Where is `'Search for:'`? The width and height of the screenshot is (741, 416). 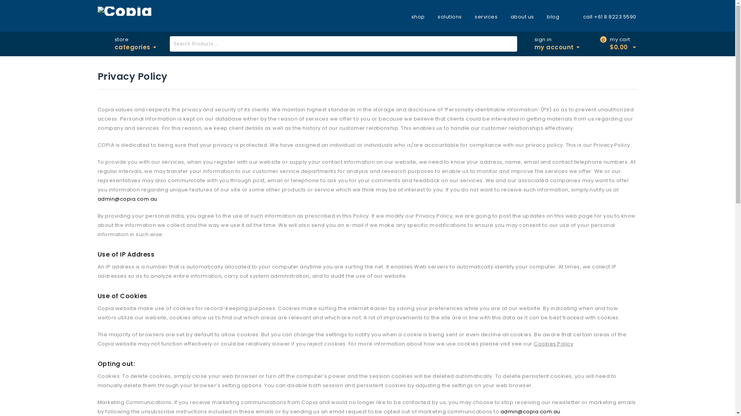
'Search for:' is located at coordinates (169, 44).